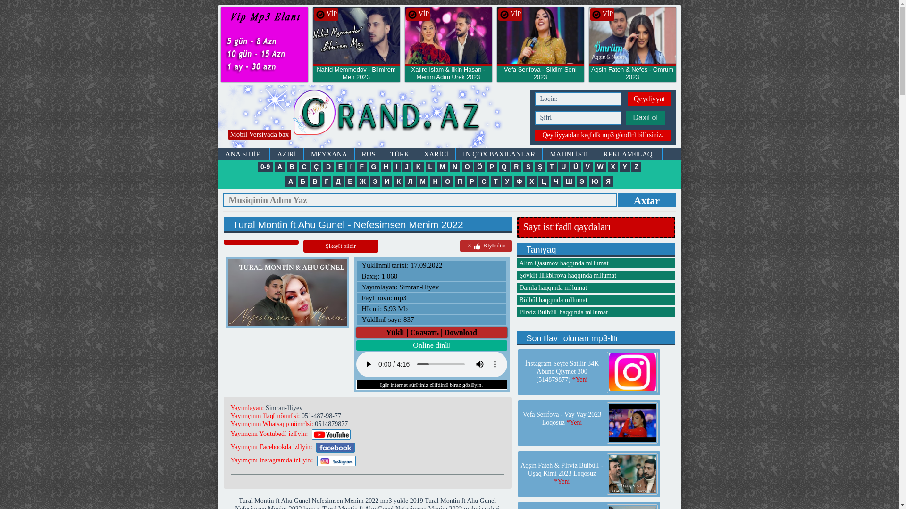 This screenshot has height=509, width=906. I want to click on 'Y', so click(624, 166).